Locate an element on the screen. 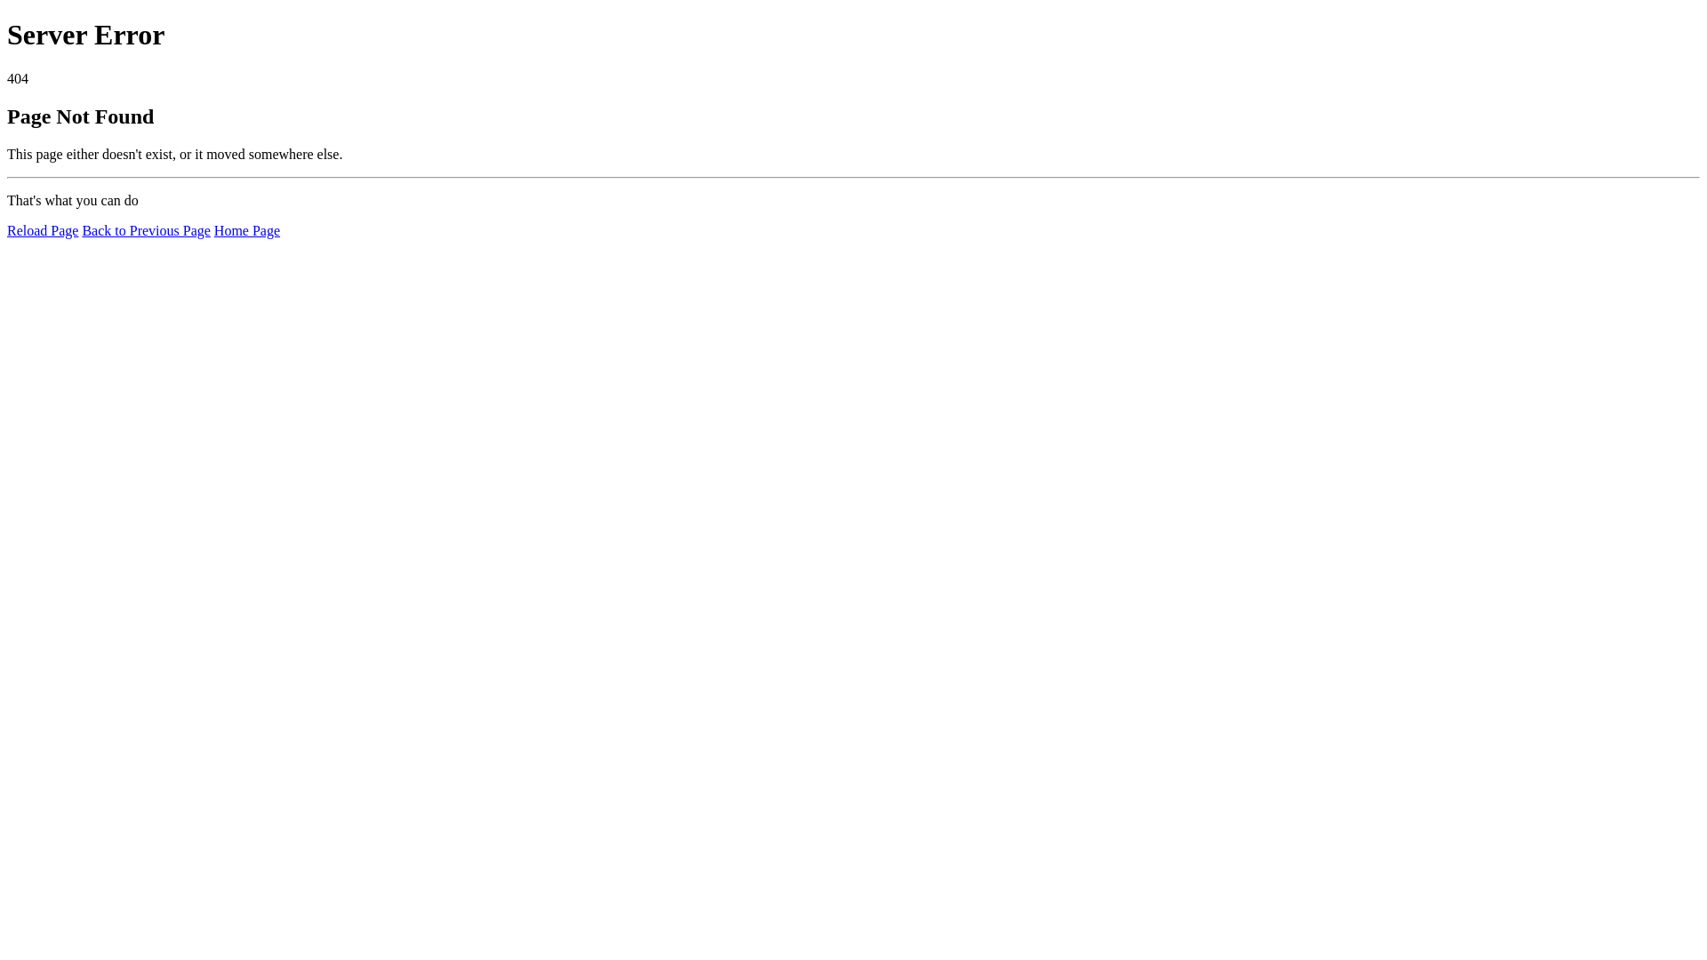 This screenshot has height=960, width=1707. 'Back to Previous Page' is located at coordinates (80, 229).